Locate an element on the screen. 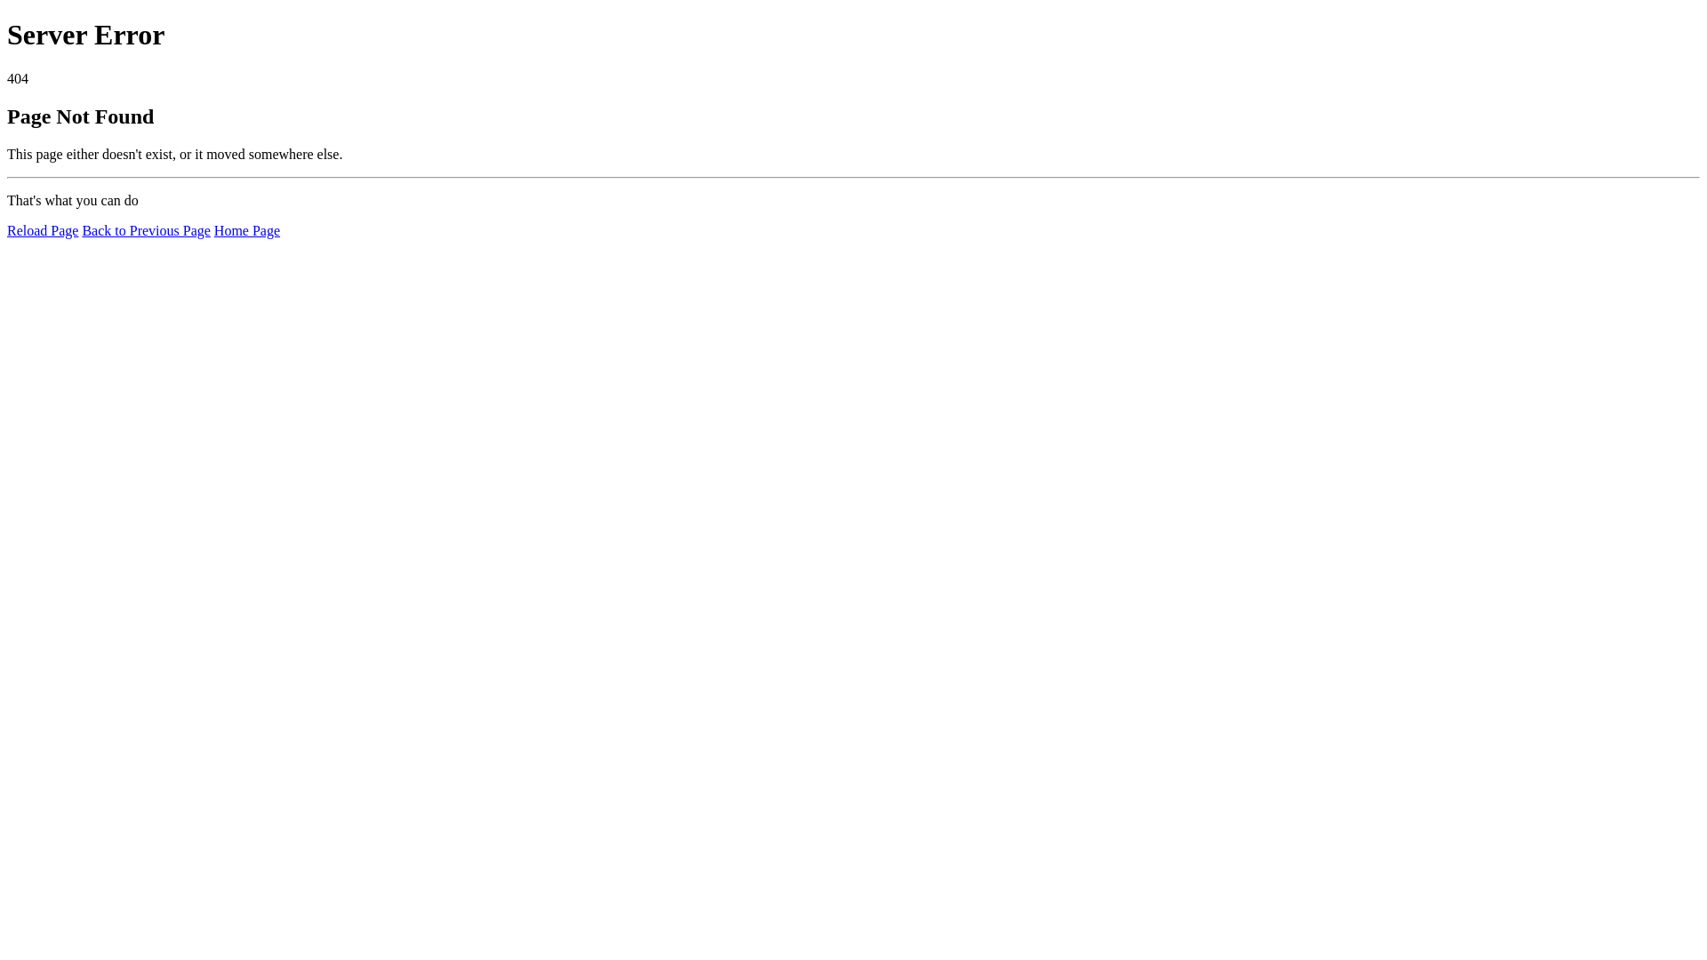 This screenshot has height=960, width=1707. 'Back to Previous Page' is located at coordinates (80, 229).